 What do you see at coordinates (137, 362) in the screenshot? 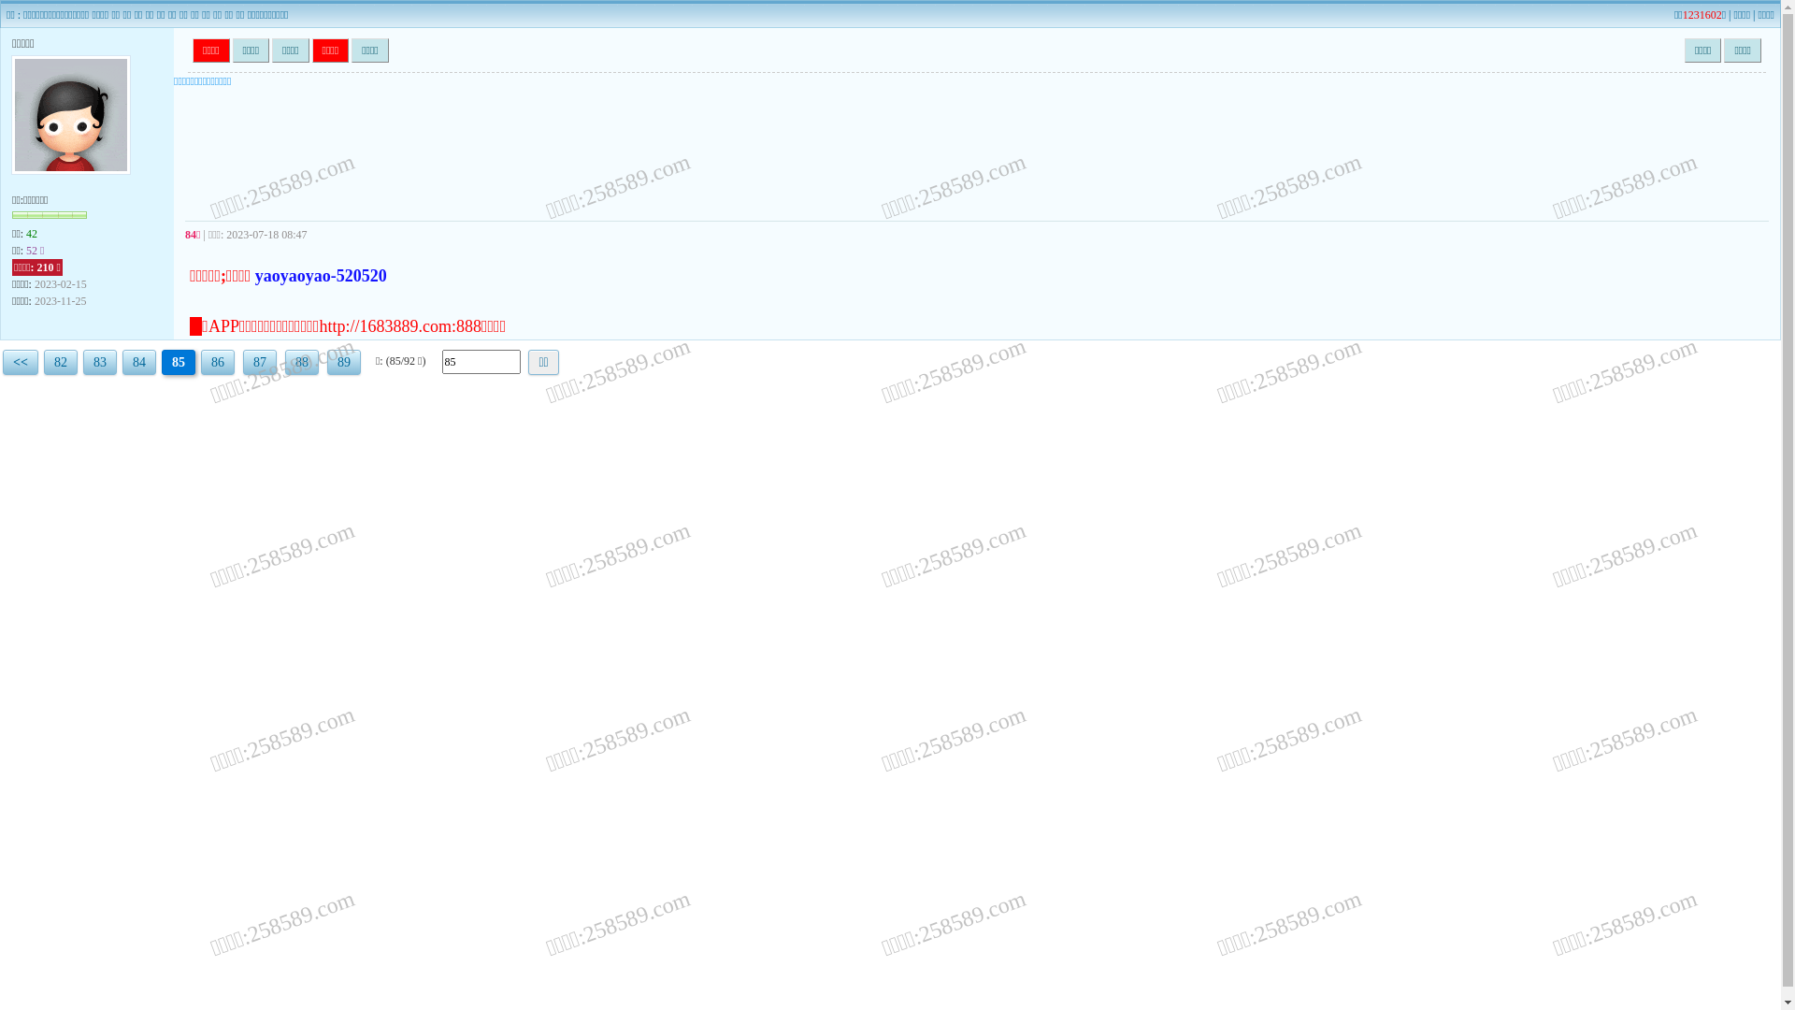
I see `'84'` at bounding box center [137, 362].